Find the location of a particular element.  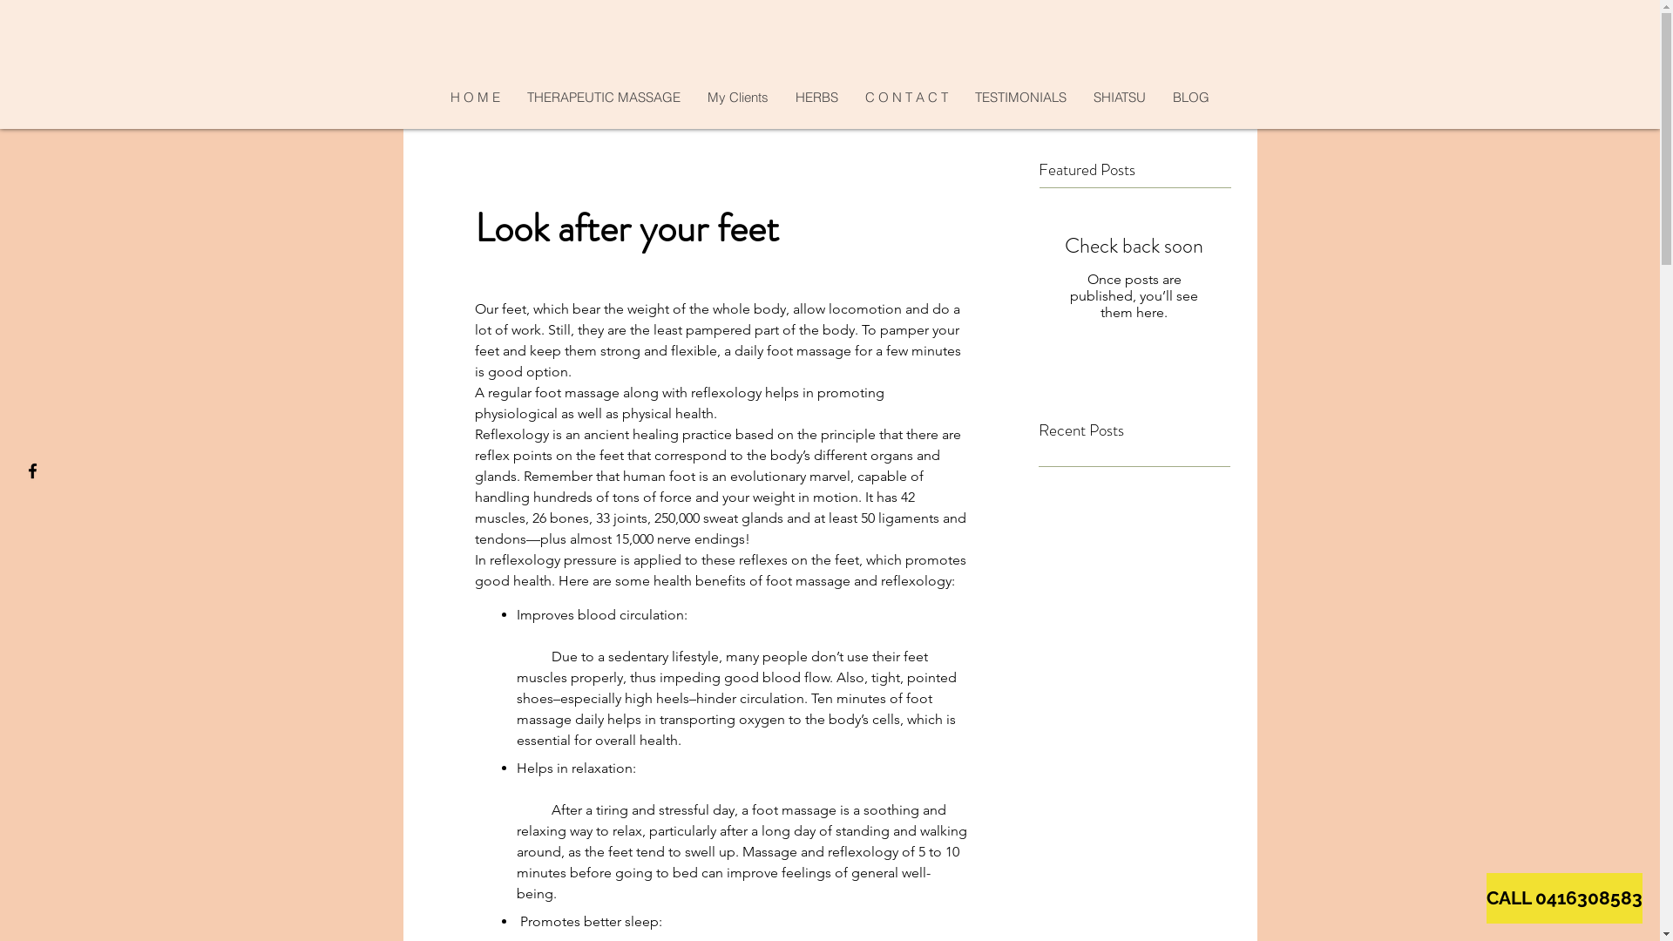

'THERAPEUTIC MASSAGE' is located at coordinates (512, 97).